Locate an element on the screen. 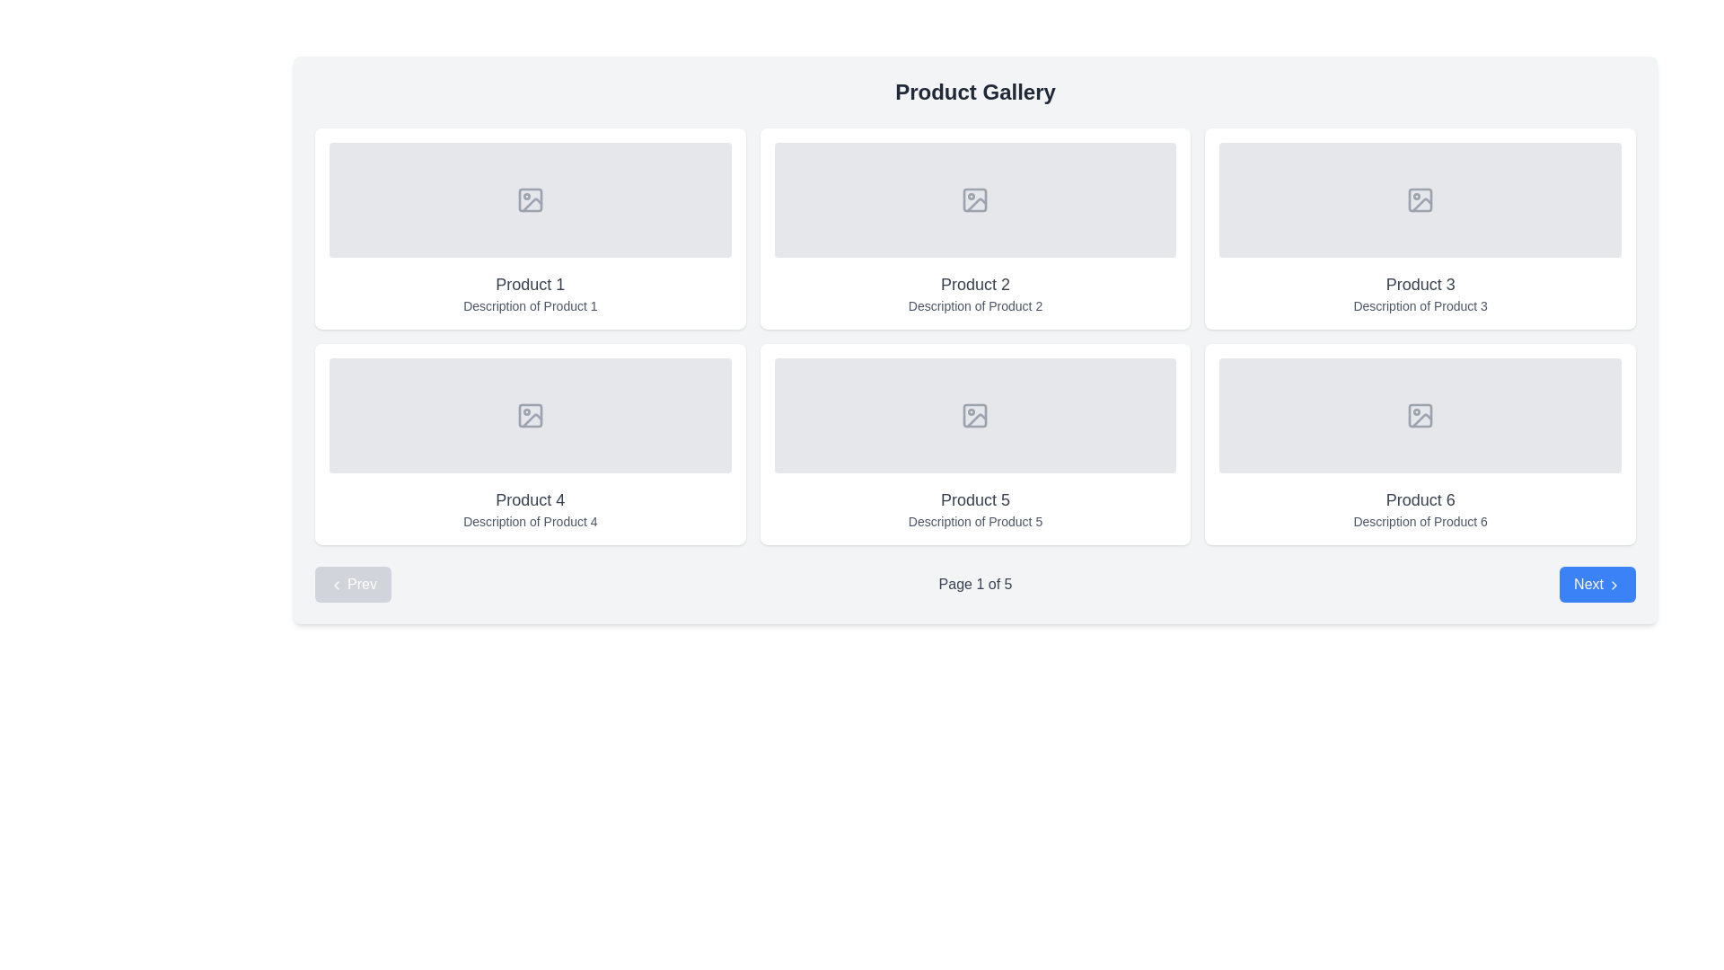 Image resolution: width=1724 pixels, height=970 pixels. the small light gray rectangular SVG element with rounded corners located within the picture frame icon of 'Product 2' in the product preview area is located at coordinates (974, 200).